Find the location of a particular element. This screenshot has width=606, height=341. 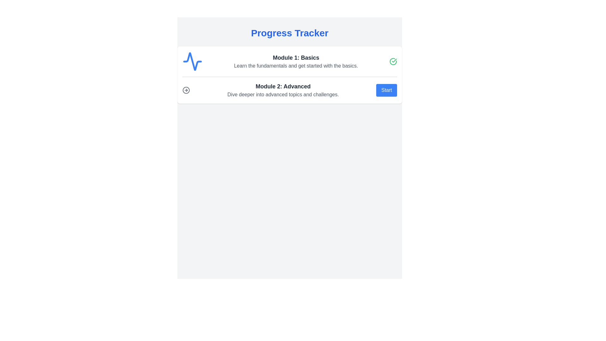

the green checkmark icon indicating successful completion at the end of the 'Module 1: Basics' row is located at coordinates (394, 61).